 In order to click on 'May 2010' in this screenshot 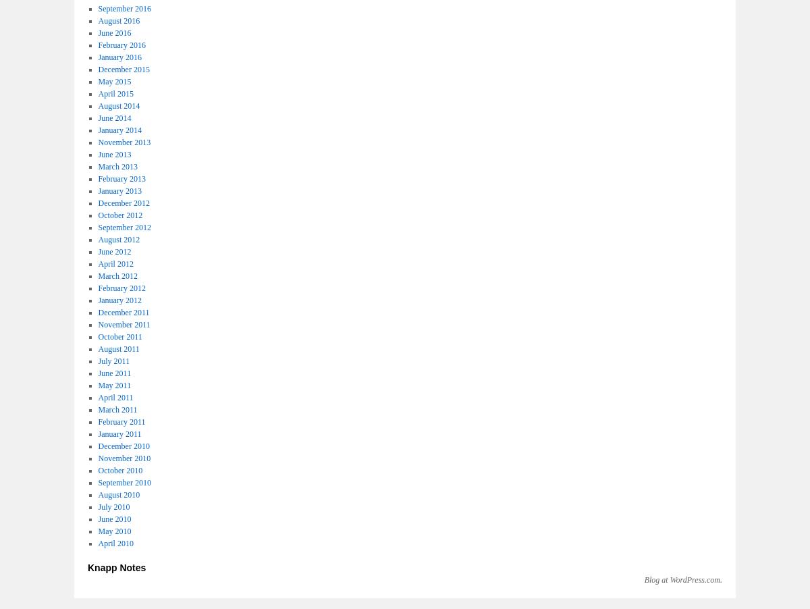, I will do `click(113, 530)`.